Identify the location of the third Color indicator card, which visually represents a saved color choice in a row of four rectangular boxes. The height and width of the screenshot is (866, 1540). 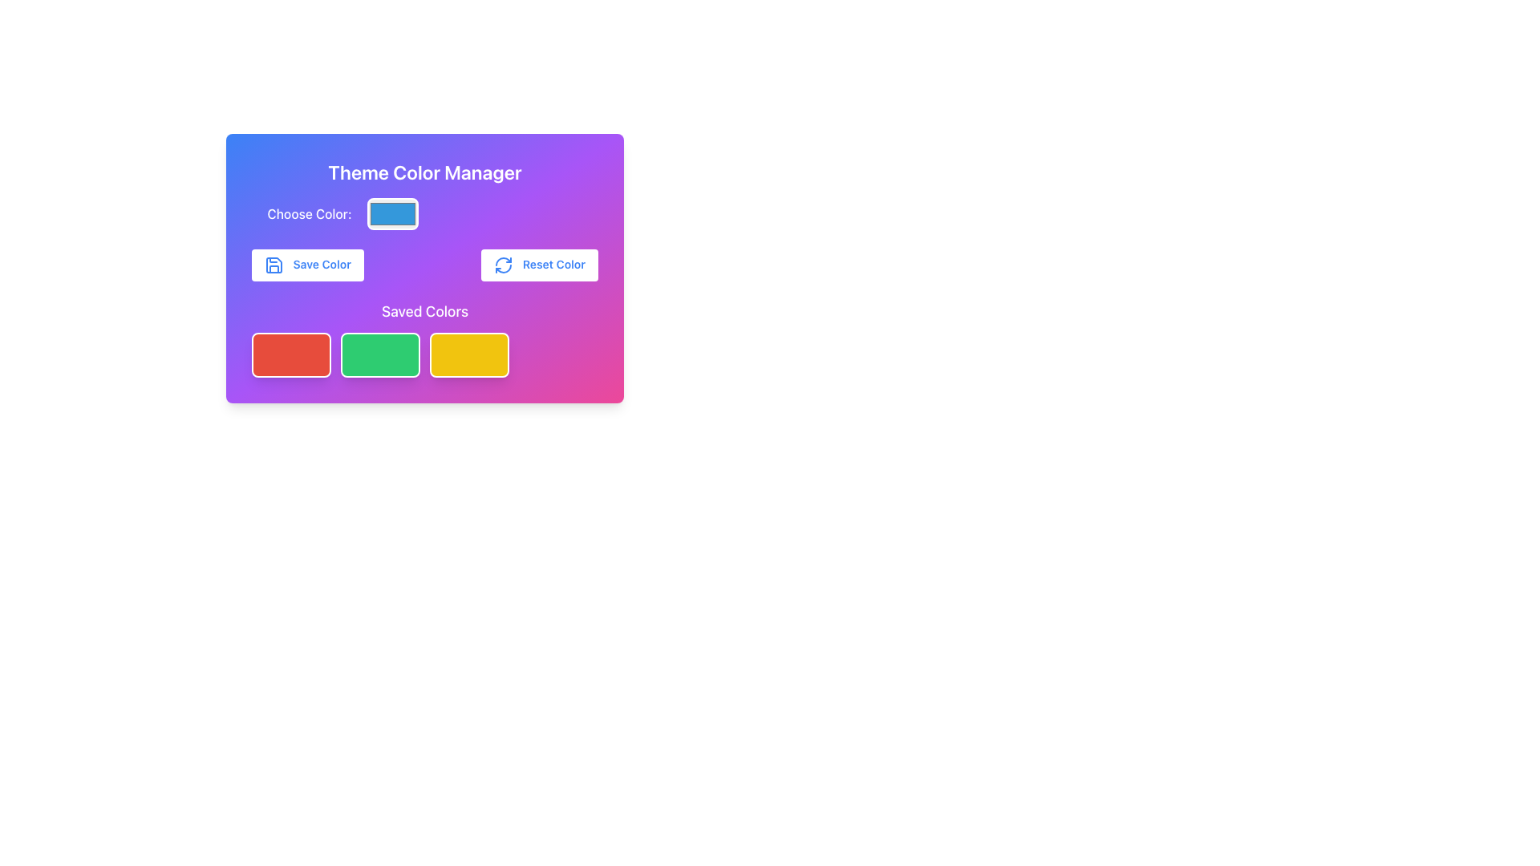
(468, 354).